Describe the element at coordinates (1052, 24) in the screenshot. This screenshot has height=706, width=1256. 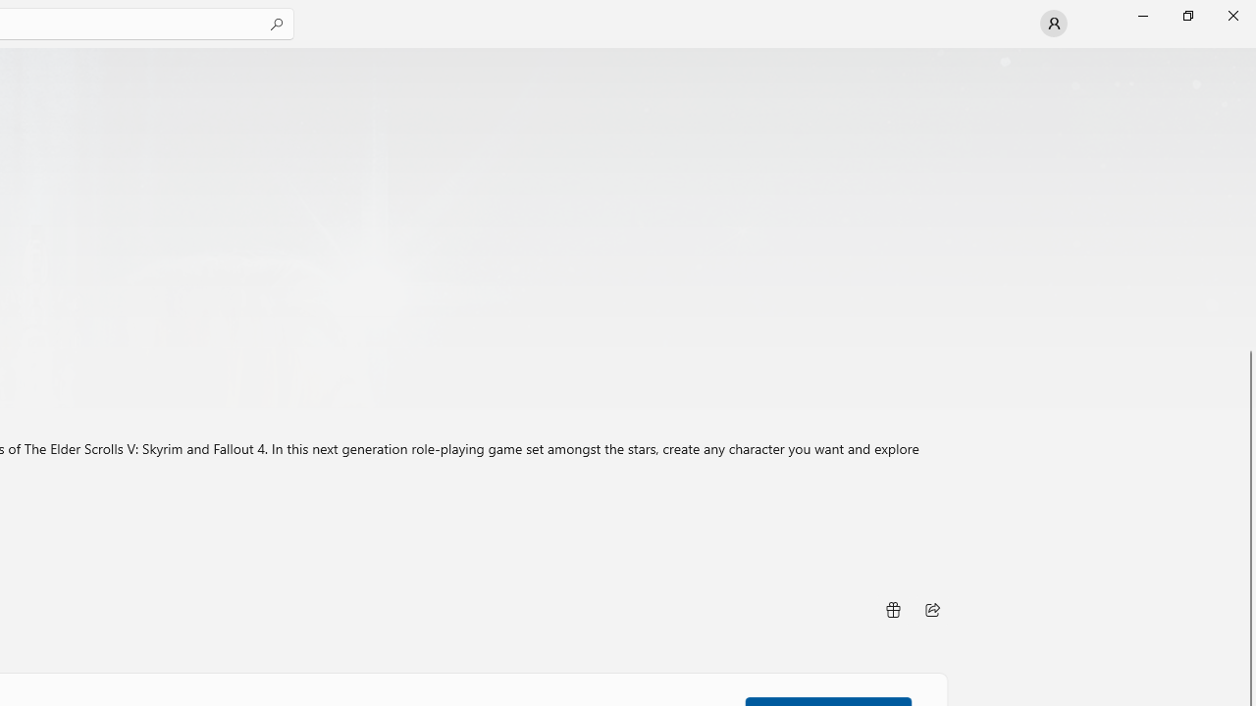
I see `'User profile'` at that location.